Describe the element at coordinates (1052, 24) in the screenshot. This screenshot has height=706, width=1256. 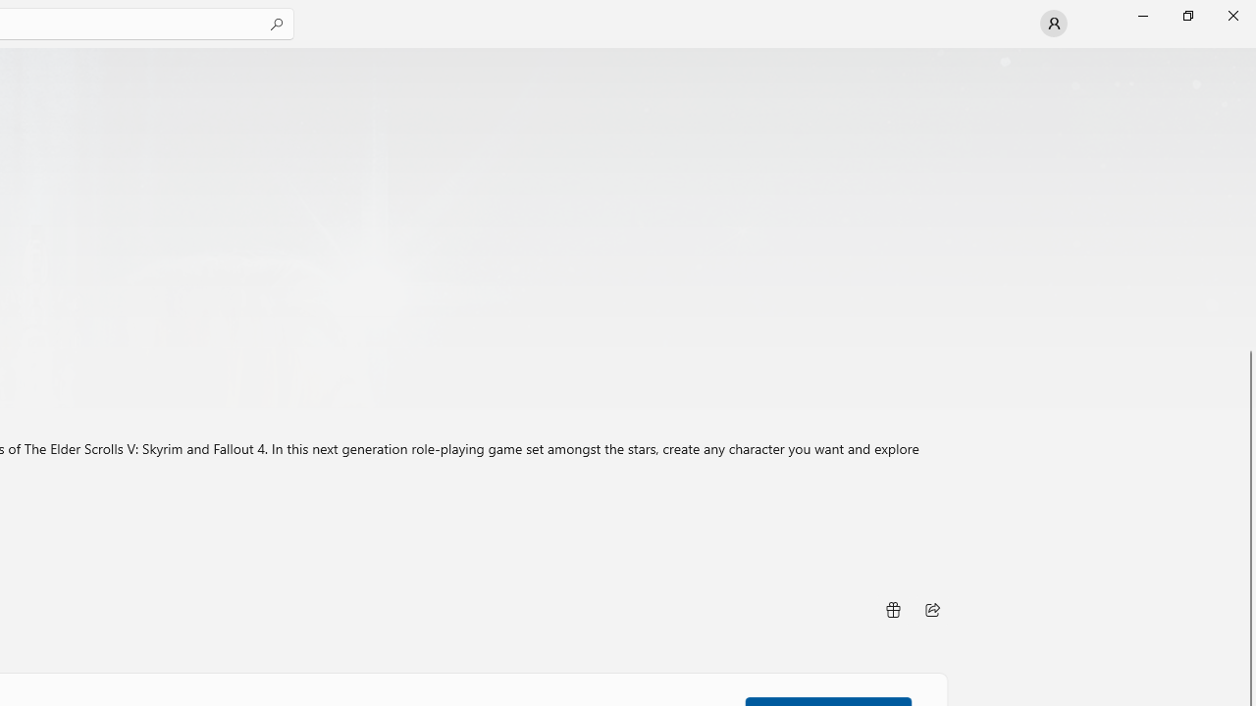
I see `'User profile'` at that location.